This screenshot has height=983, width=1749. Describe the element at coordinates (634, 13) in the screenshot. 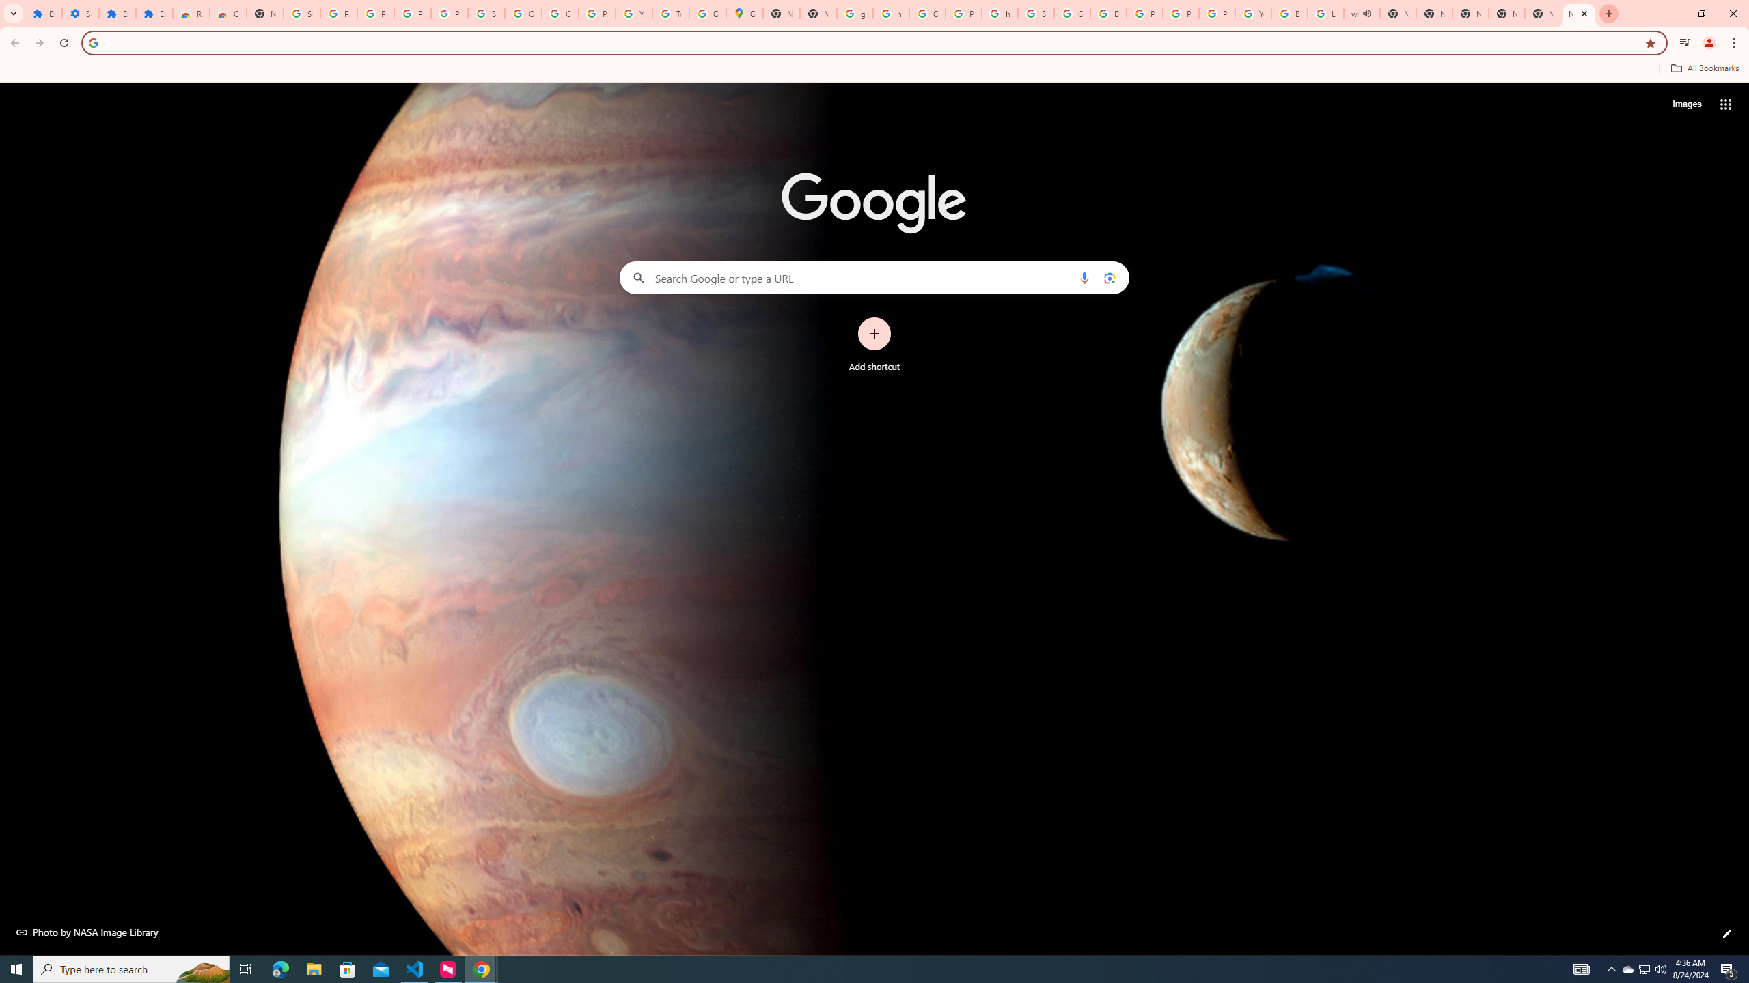

I see `'YouTube'` at that location.